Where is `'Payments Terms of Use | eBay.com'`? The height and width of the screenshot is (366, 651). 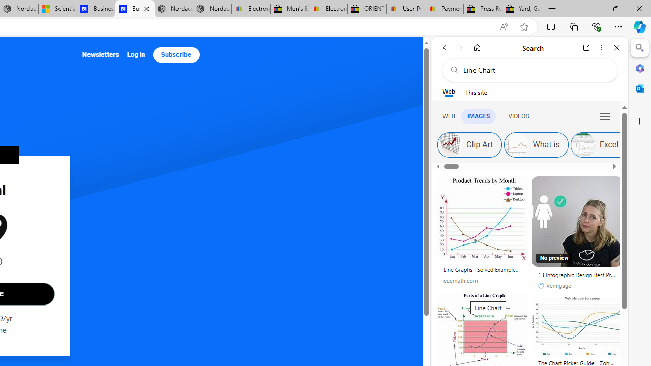 'Payments Terms of Use | eBay.com' is located at coordinates (444, 9).